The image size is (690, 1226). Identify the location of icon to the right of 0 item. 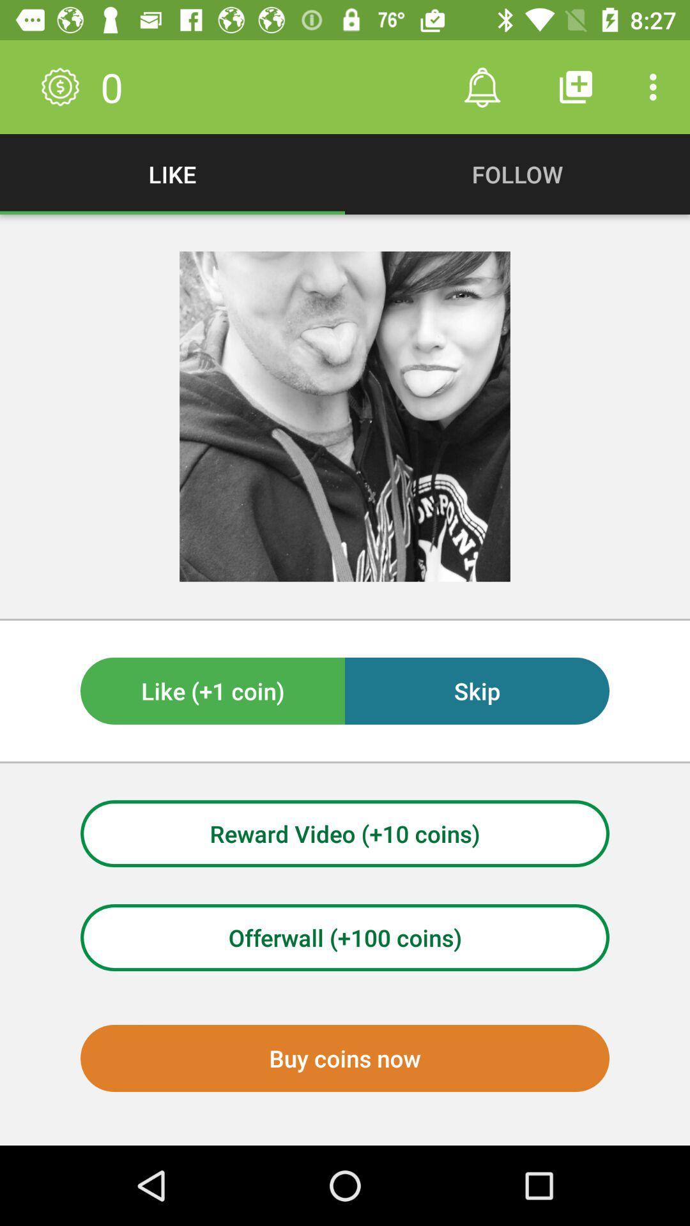
(482, 86).